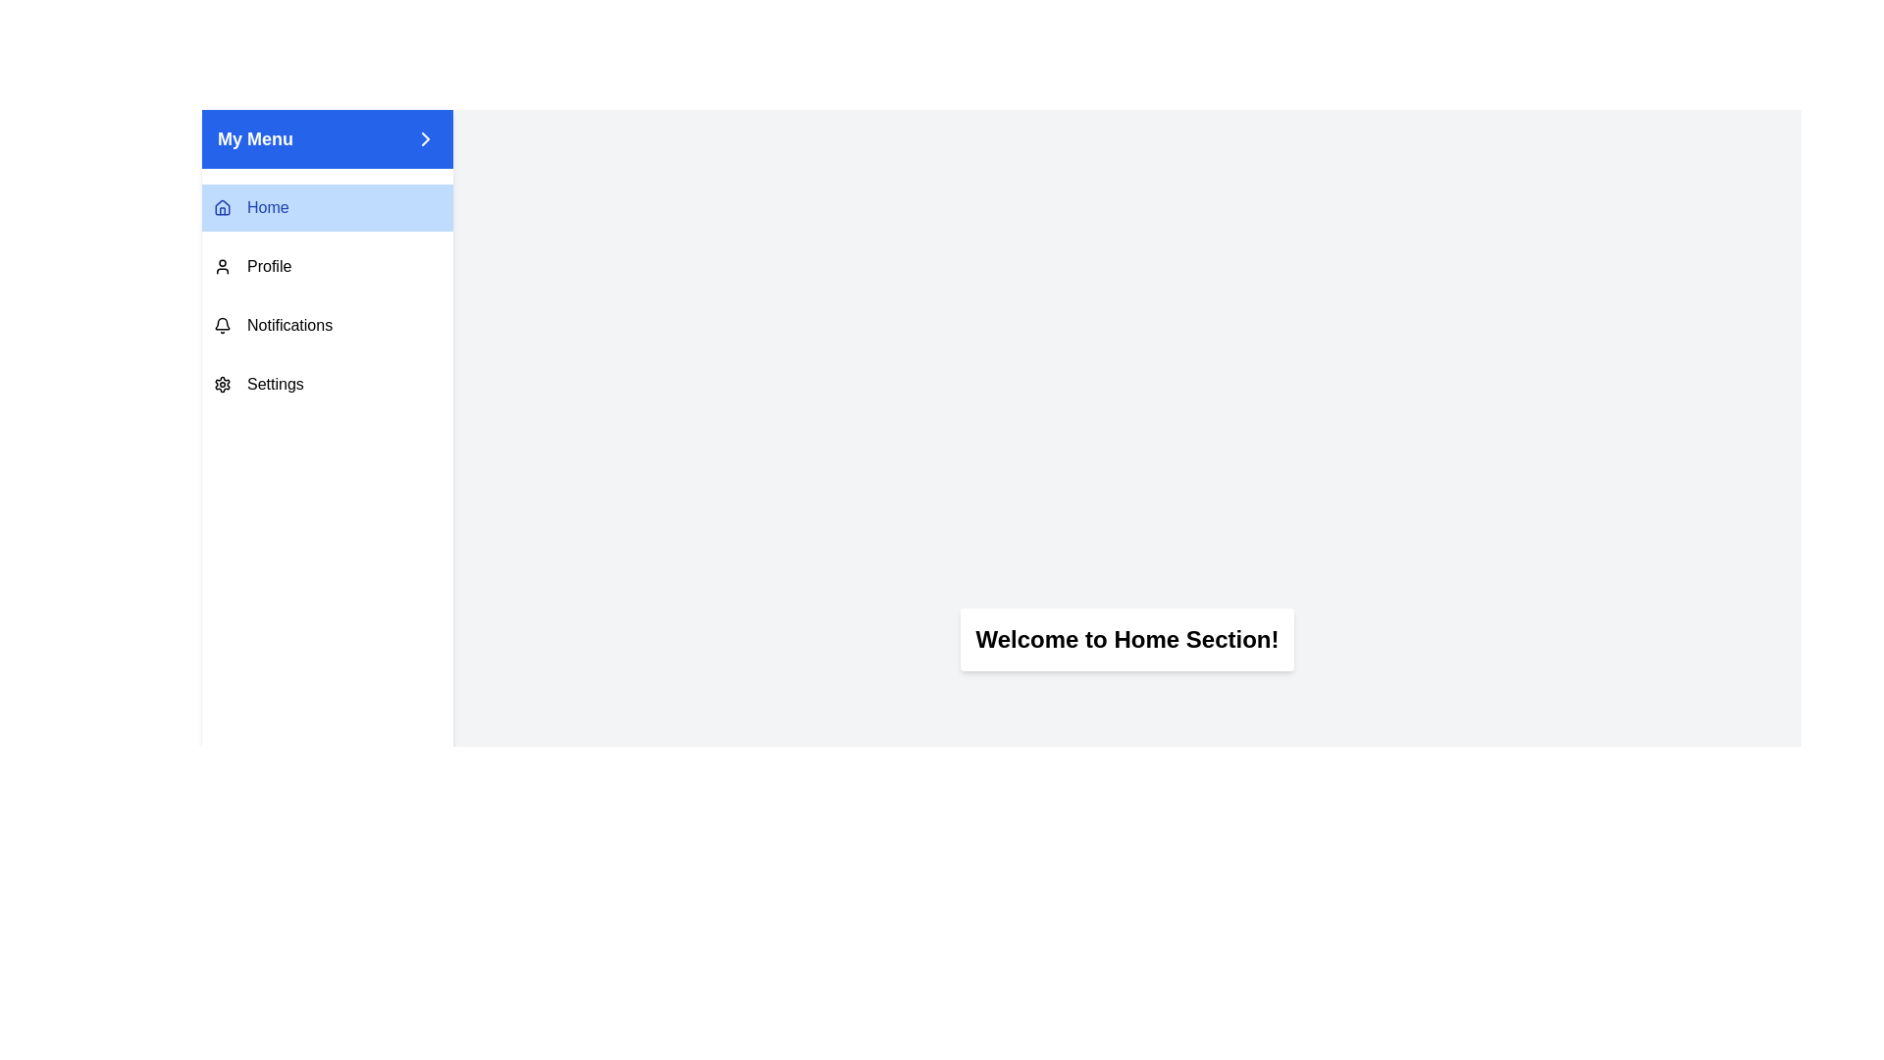 The height and width of the screenshot is (1060, 1884). Describe the element at coordinates (222, 385) in the screenshot. I see `the gear-like settings icon located in the left-hand side menu, which is the fourth item from the top` at that location.